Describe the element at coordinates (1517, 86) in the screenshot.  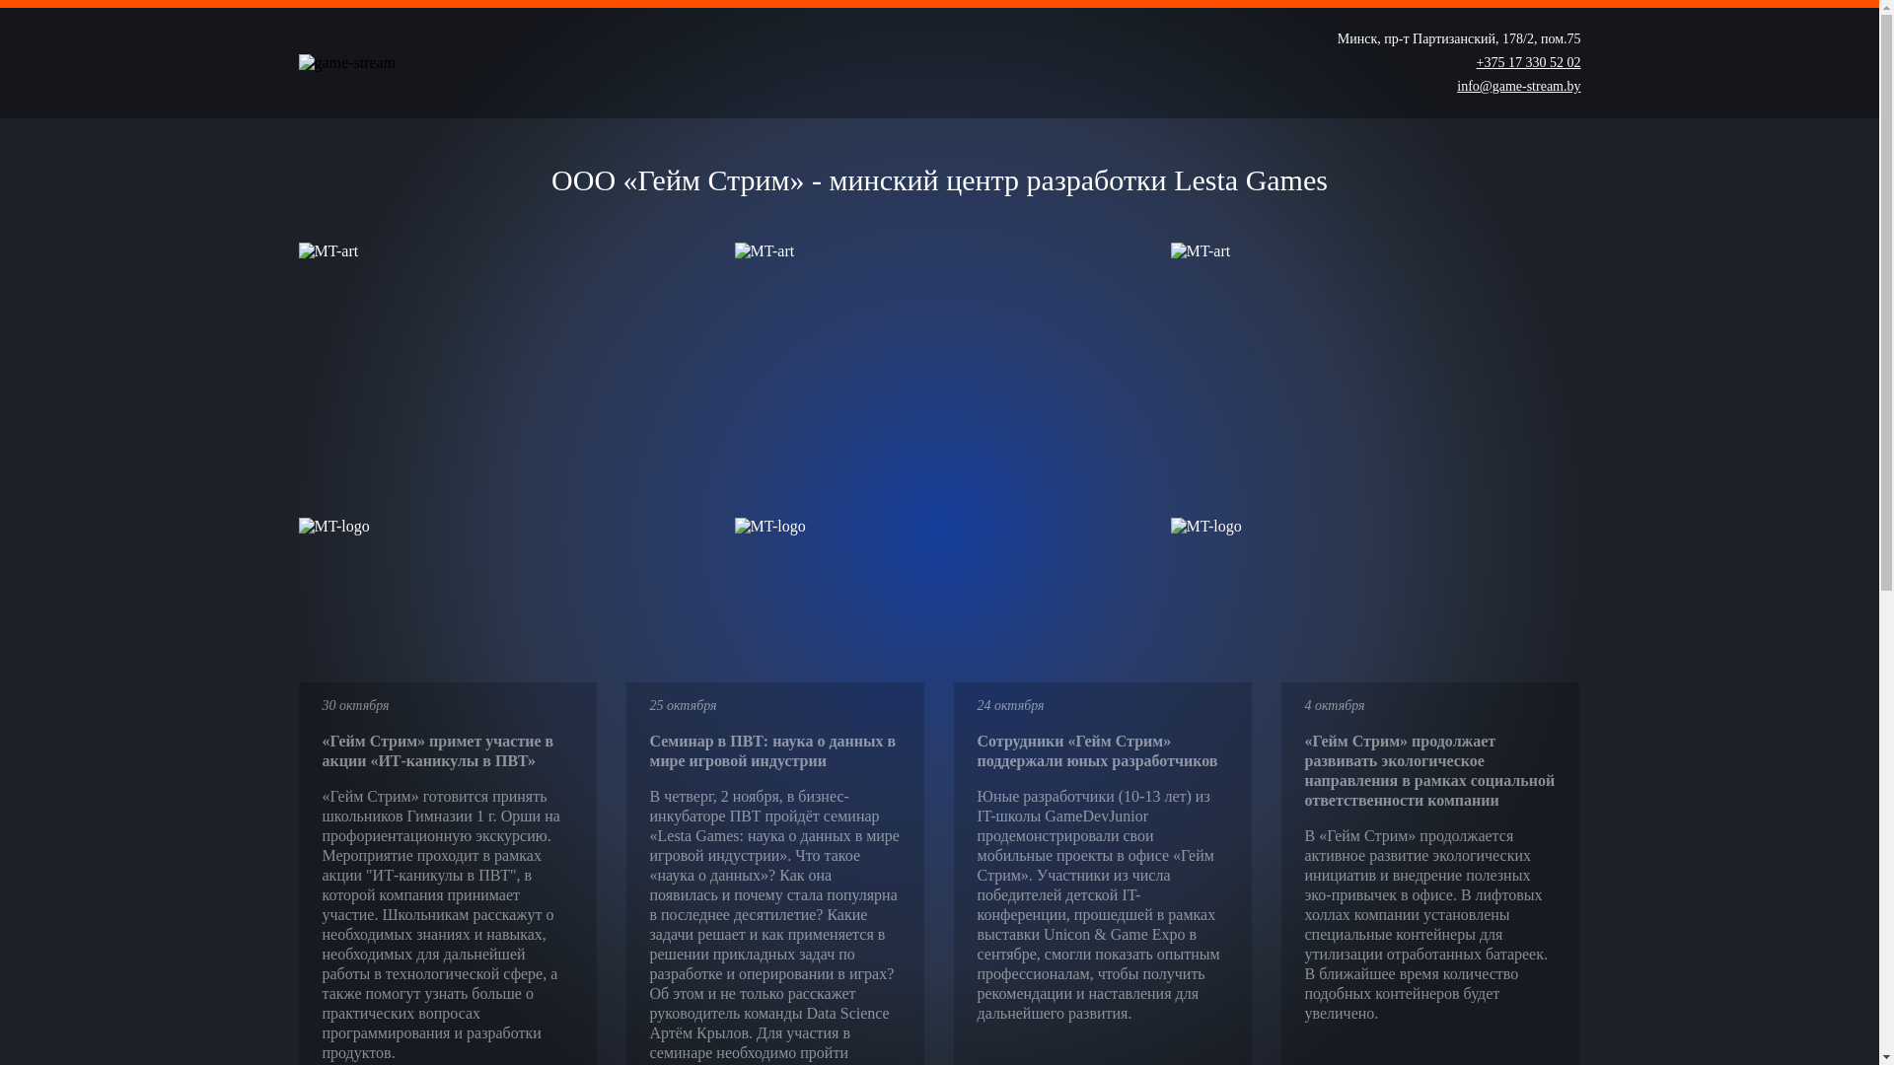
I see `'info@game-stream.by'` at that location.